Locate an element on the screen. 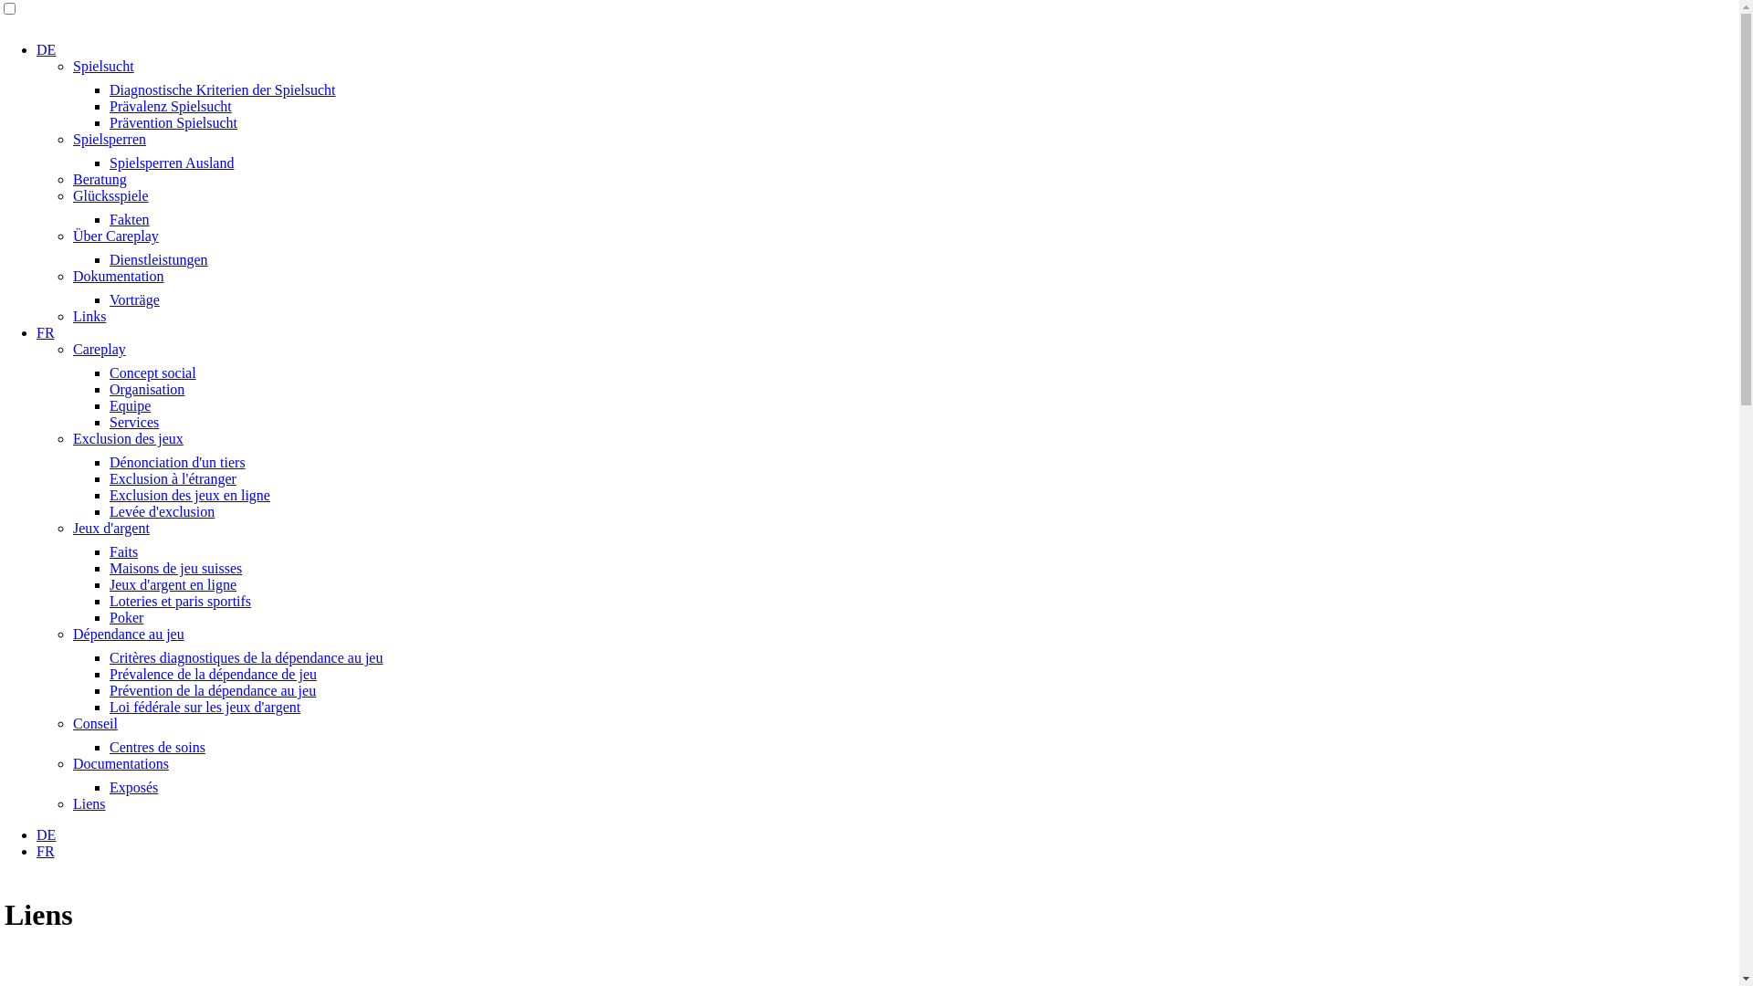 This screenshot has height=986, width=1753. 'Conseil' is located at coordinates (94, 722).